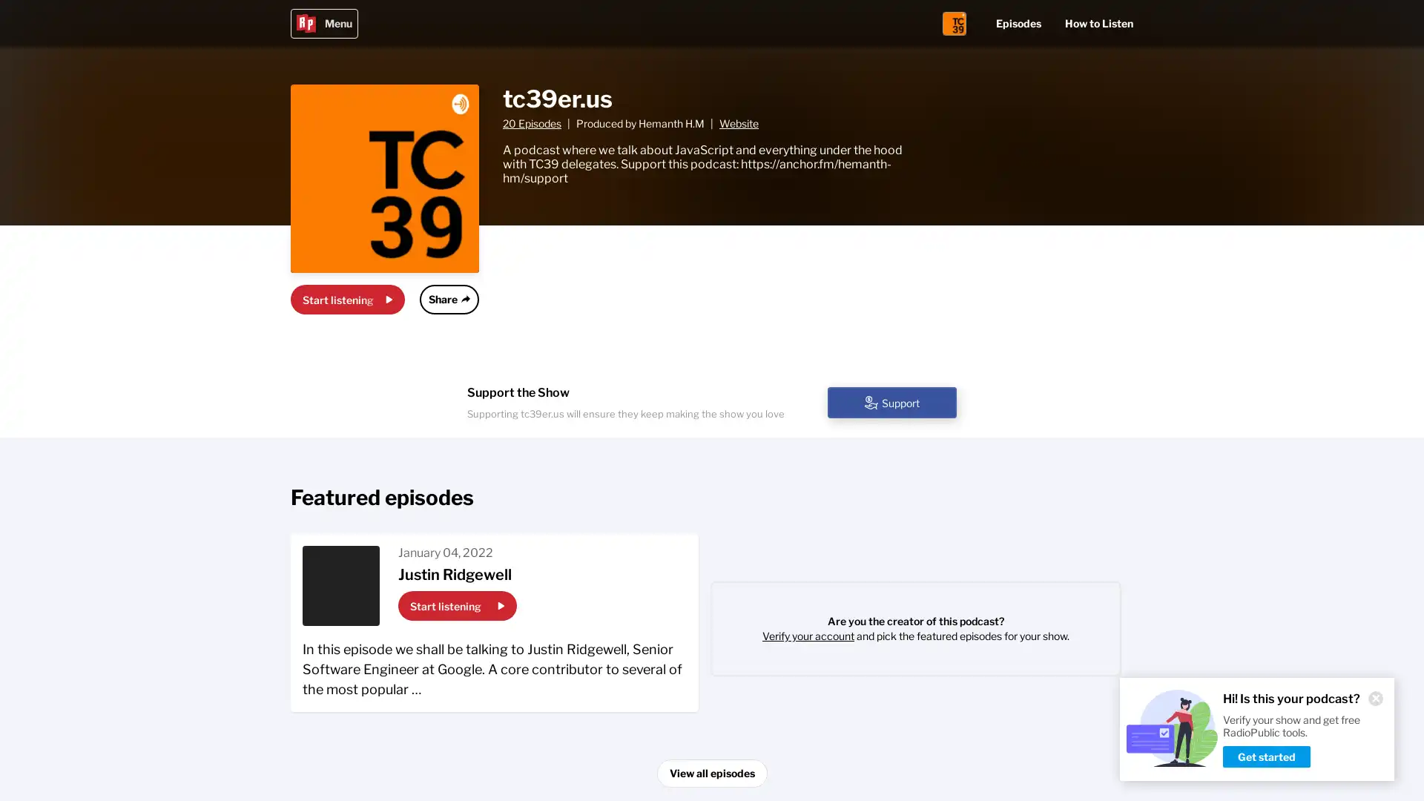 Image resolution: width=1424 pixels, height=801 pixels. Describe the element at coordinates (457, 606) in the screenshot. I see `Start listening play` at that location.